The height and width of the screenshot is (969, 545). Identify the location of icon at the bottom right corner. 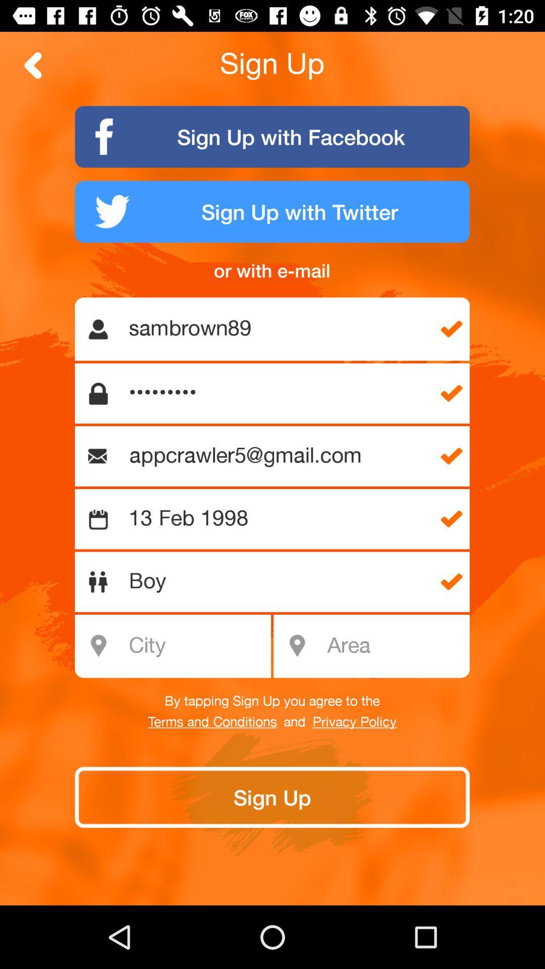
(395, 646).